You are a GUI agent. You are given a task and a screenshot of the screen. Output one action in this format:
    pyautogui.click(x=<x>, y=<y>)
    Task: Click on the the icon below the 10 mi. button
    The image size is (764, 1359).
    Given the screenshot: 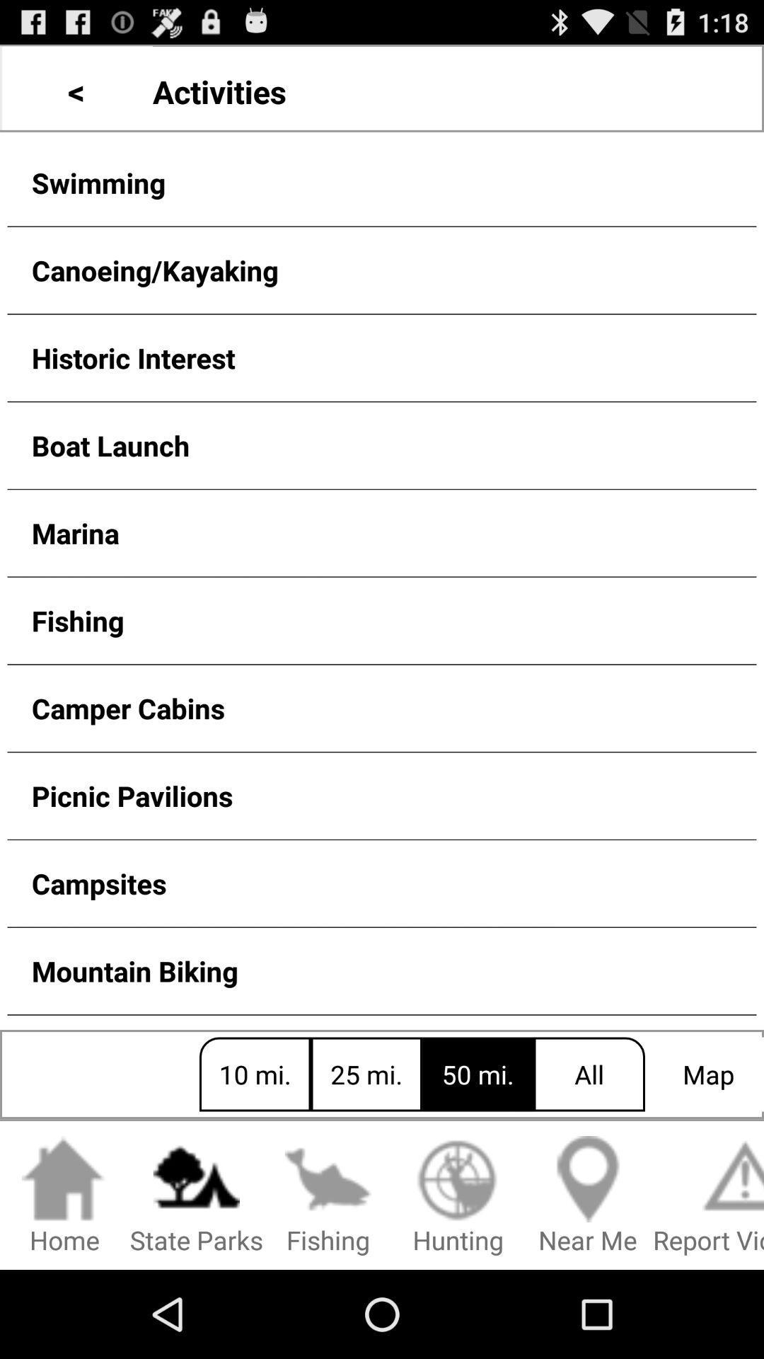 What is the action you would take?
    pyautogui.click(x=196, y=1195)
    